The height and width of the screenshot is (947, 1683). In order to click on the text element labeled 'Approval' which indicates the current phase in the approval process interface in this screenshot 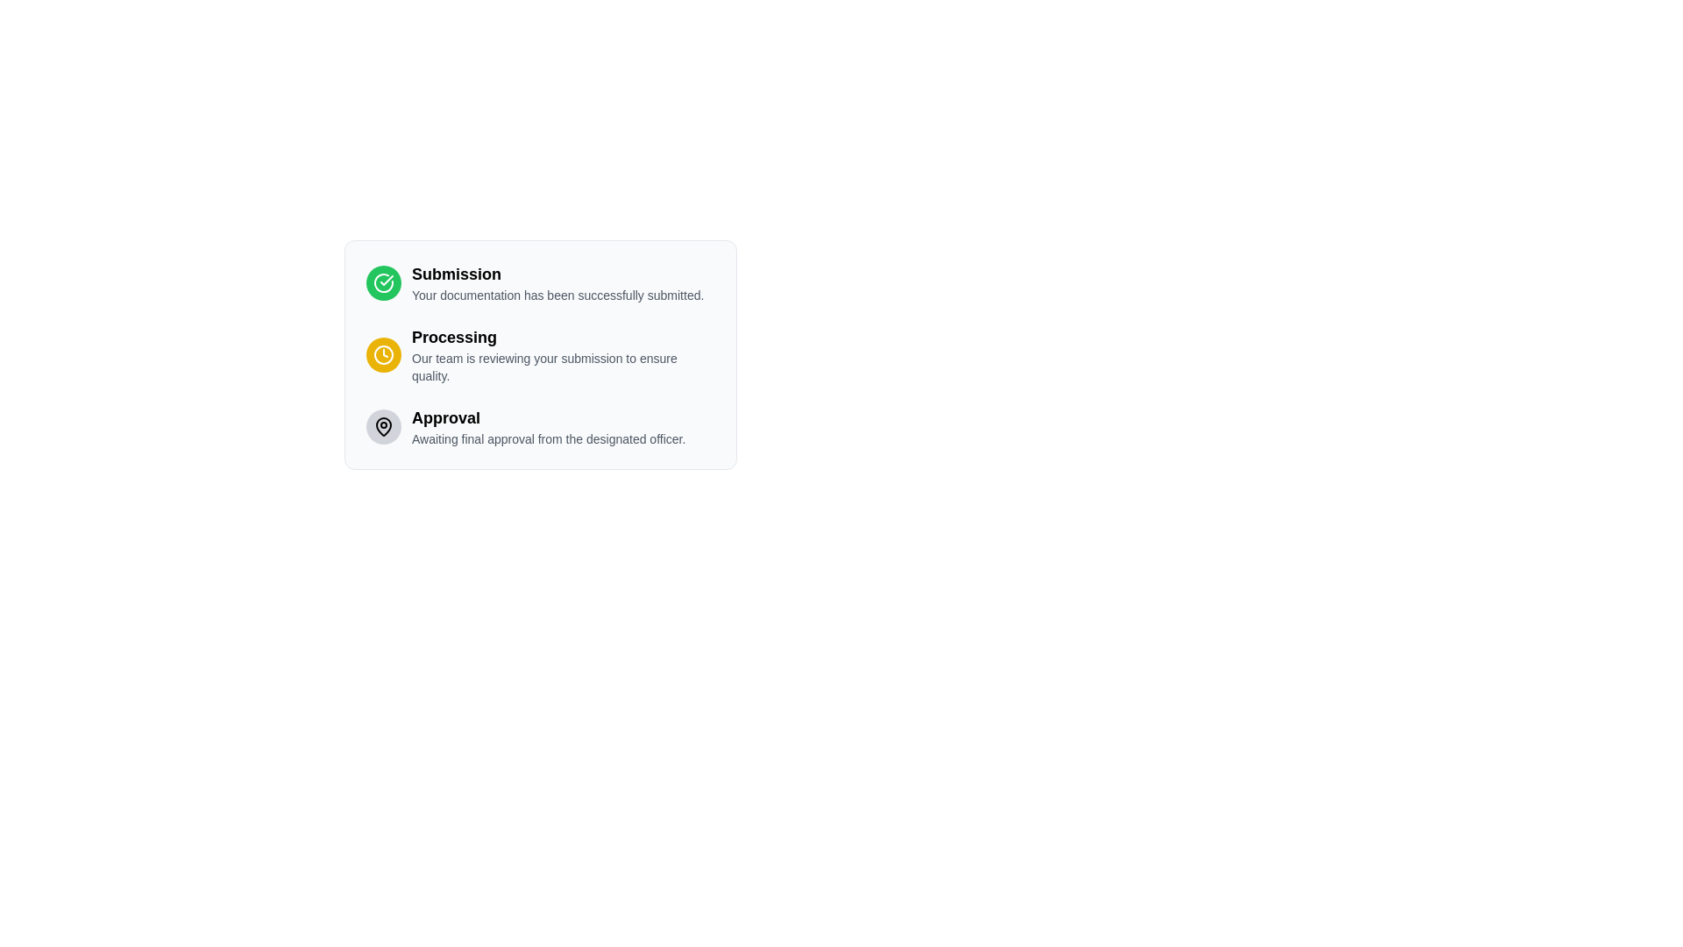, I will do `click(548, 418)`.